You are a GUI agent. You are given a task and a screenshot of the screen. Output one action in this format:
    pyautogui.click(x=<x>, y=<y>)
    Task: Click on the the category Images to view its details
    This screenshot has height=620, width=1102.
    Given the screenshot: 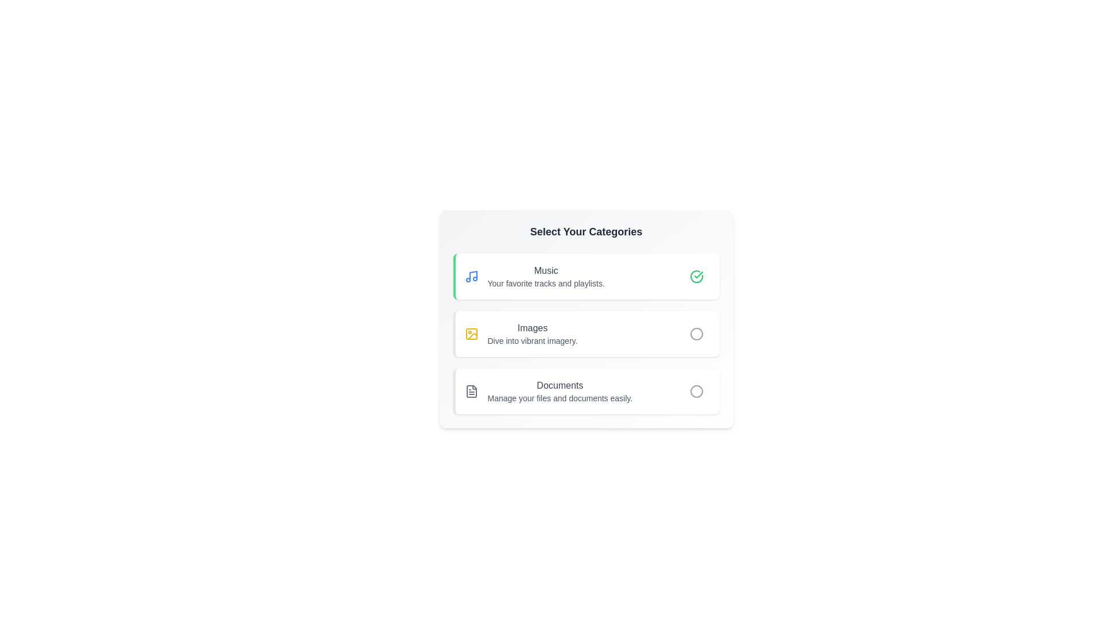 What is the action you would take?
    pyautogui.click(x=528, y=334)
    